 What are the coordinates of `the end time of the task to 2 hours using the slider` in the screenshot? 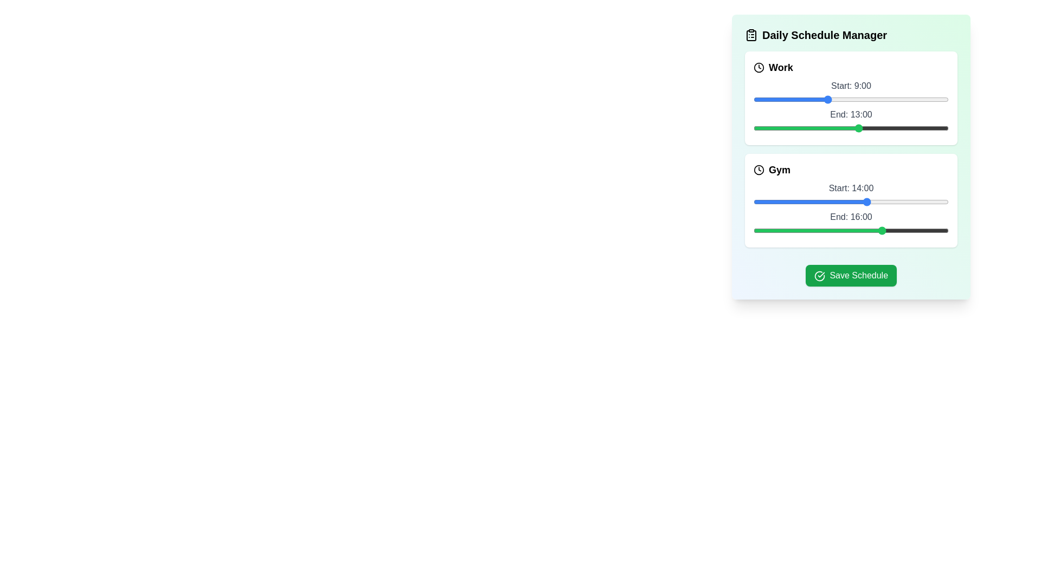 It's located at (769, 127).